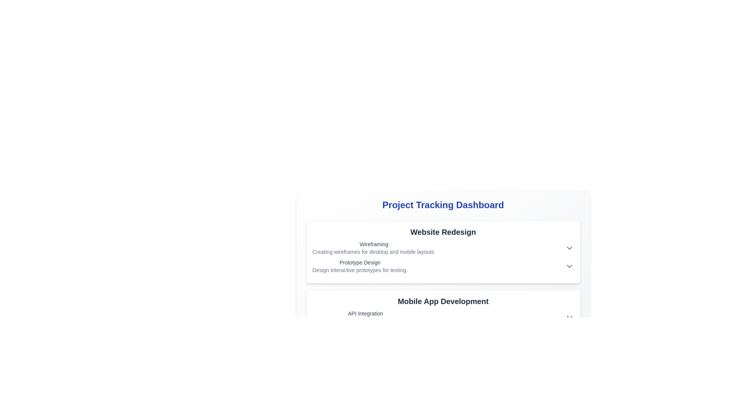 This screenshot has height=411, width=732. I want to click on the text label that serves as a title or heading for the content, positioned centrally above the sibling text label reading 'Design interactive prototypes for testing.', so click(360, 262).